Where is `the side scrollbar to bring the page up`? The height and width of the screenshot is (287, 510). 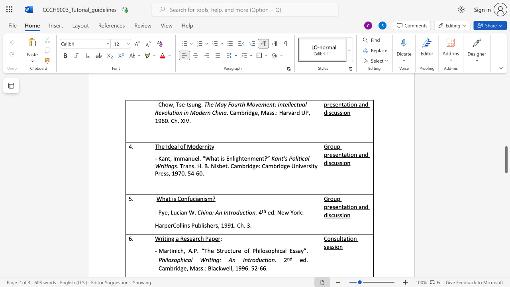 the side scrollbar to bring the page up is located at coordinates (506, 124).